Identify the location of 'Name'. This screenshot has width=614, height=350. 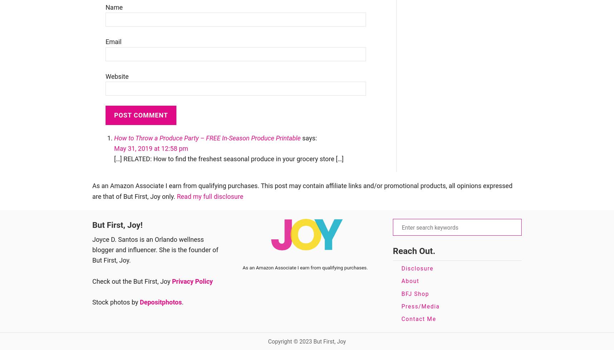
(105, 7).